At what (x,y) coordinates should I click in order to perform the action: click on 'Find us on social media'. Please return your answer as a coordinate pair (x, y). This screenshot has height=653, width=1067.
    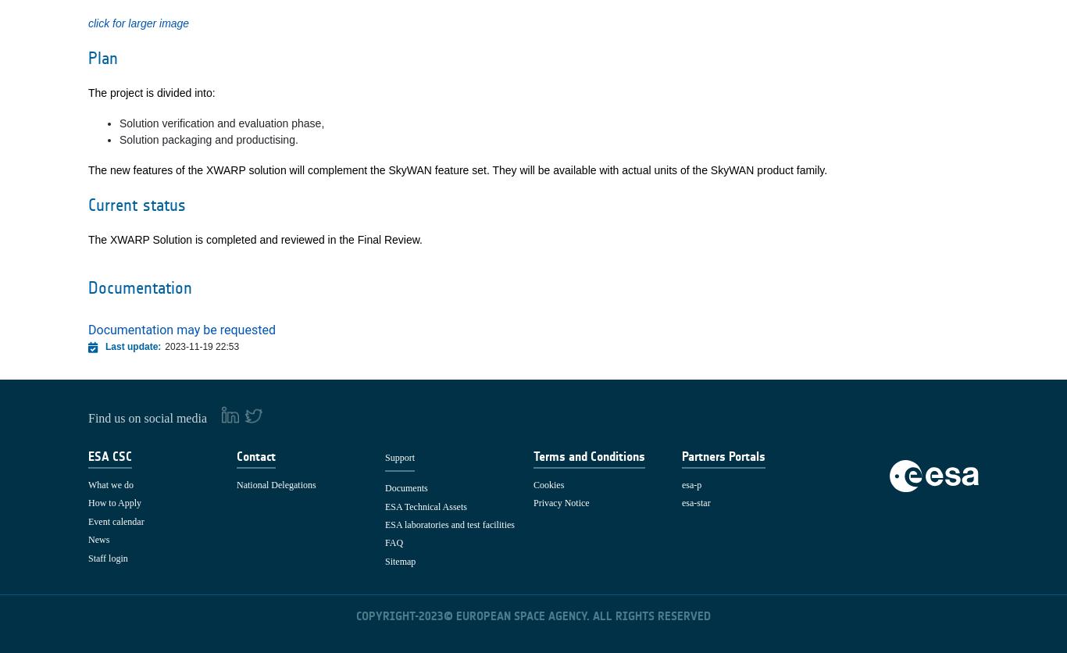
    Looking at the image, I should click on (148, 416).